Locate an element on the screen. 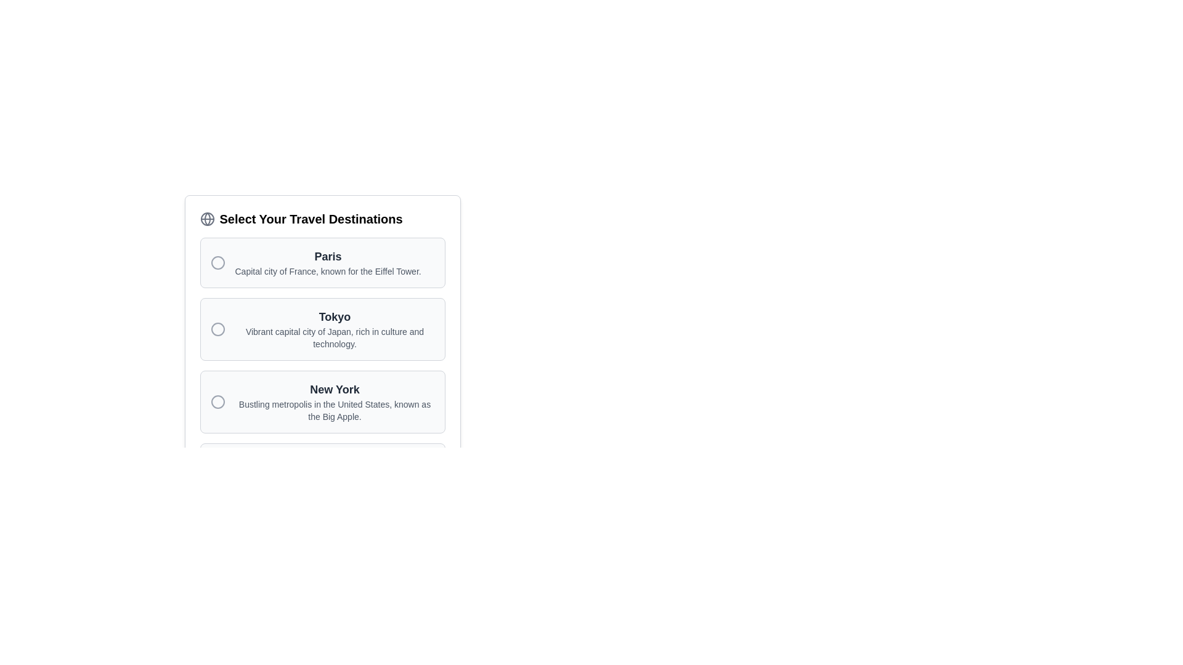  textual content of the Card option with the associated radio button that is the second item in a vertical list of travel destination cards, located between 'Paris' and 'New York' is located at coordinates (322, 329).